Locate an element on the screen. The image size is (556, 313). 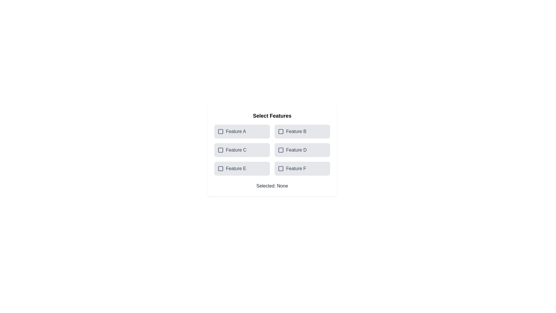
the checkbox icon with a dark border and transparent background located next to the text labeled 'Feature A' is located at coordinates (220, 132).